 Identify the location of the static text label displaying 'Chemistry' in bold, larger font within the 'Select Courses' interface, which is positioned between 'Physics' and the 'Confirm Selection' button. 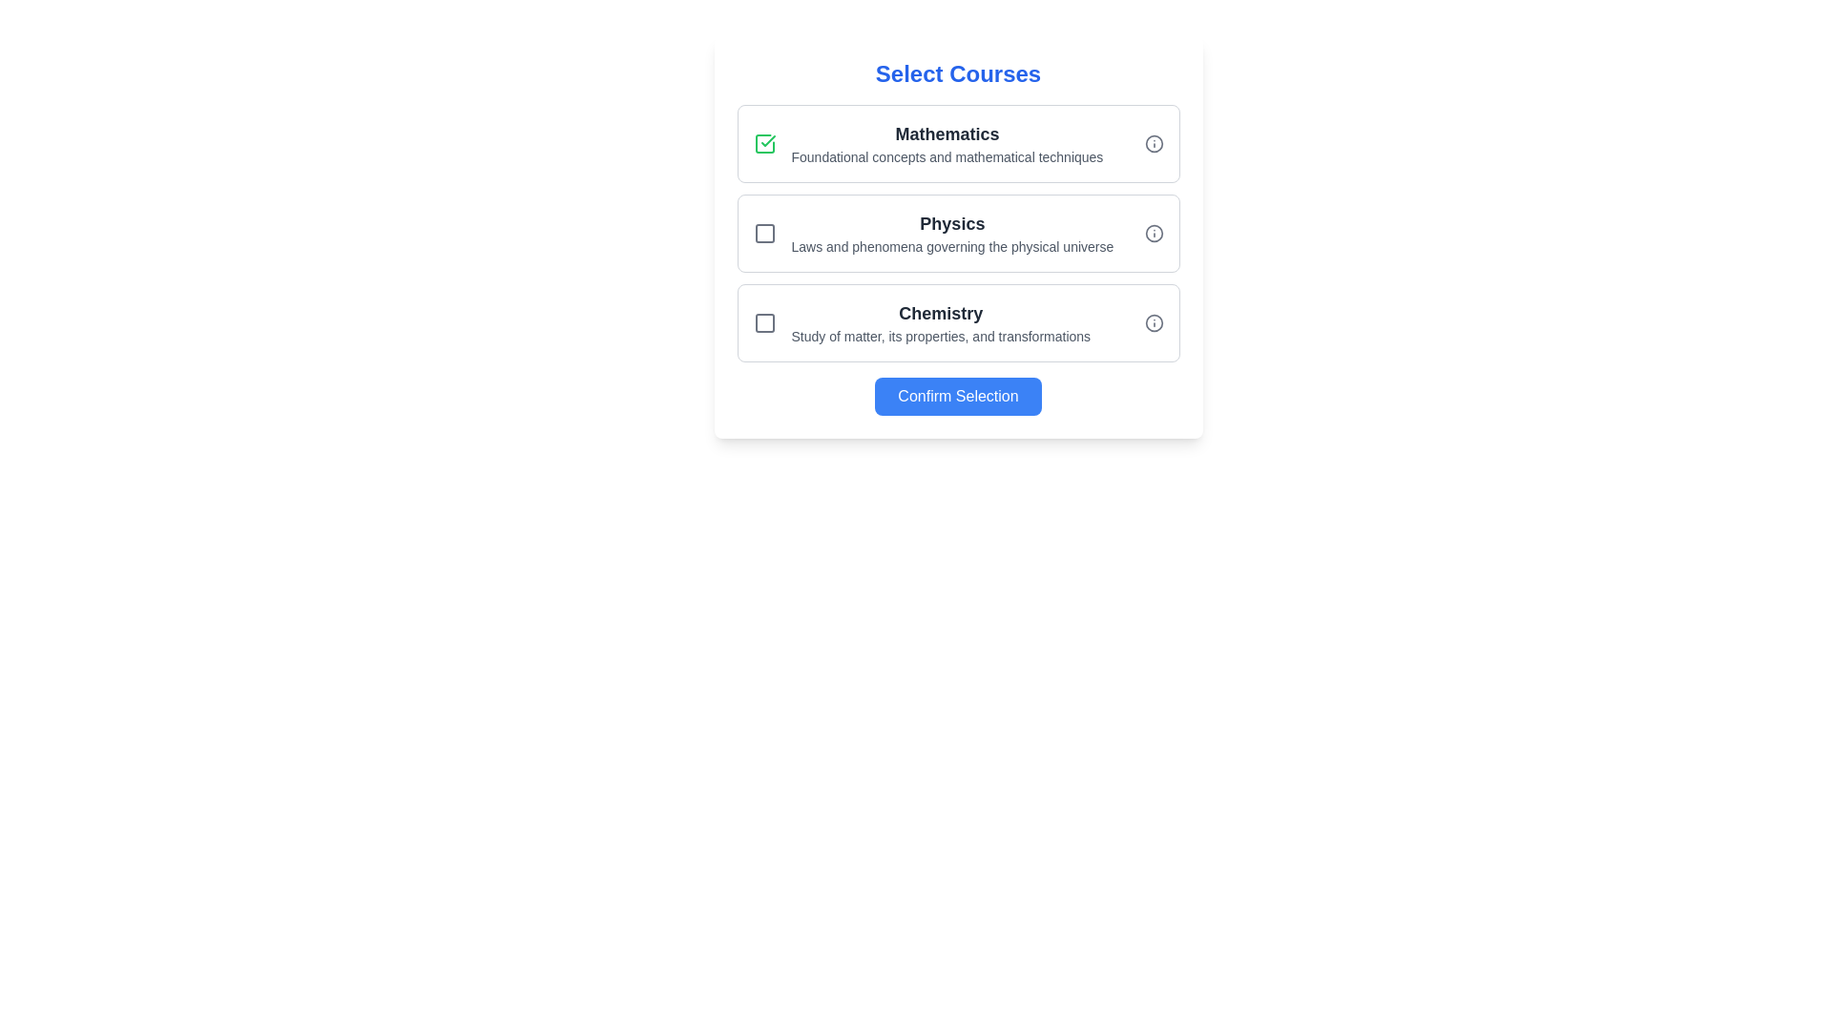
(941, 312).